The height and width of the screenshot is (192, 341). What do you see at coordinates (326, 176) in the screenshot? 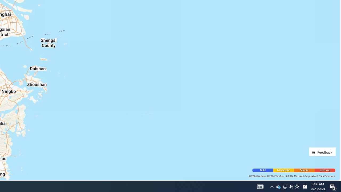
I see `'Data Providers'` at bounding box center [326, 176].